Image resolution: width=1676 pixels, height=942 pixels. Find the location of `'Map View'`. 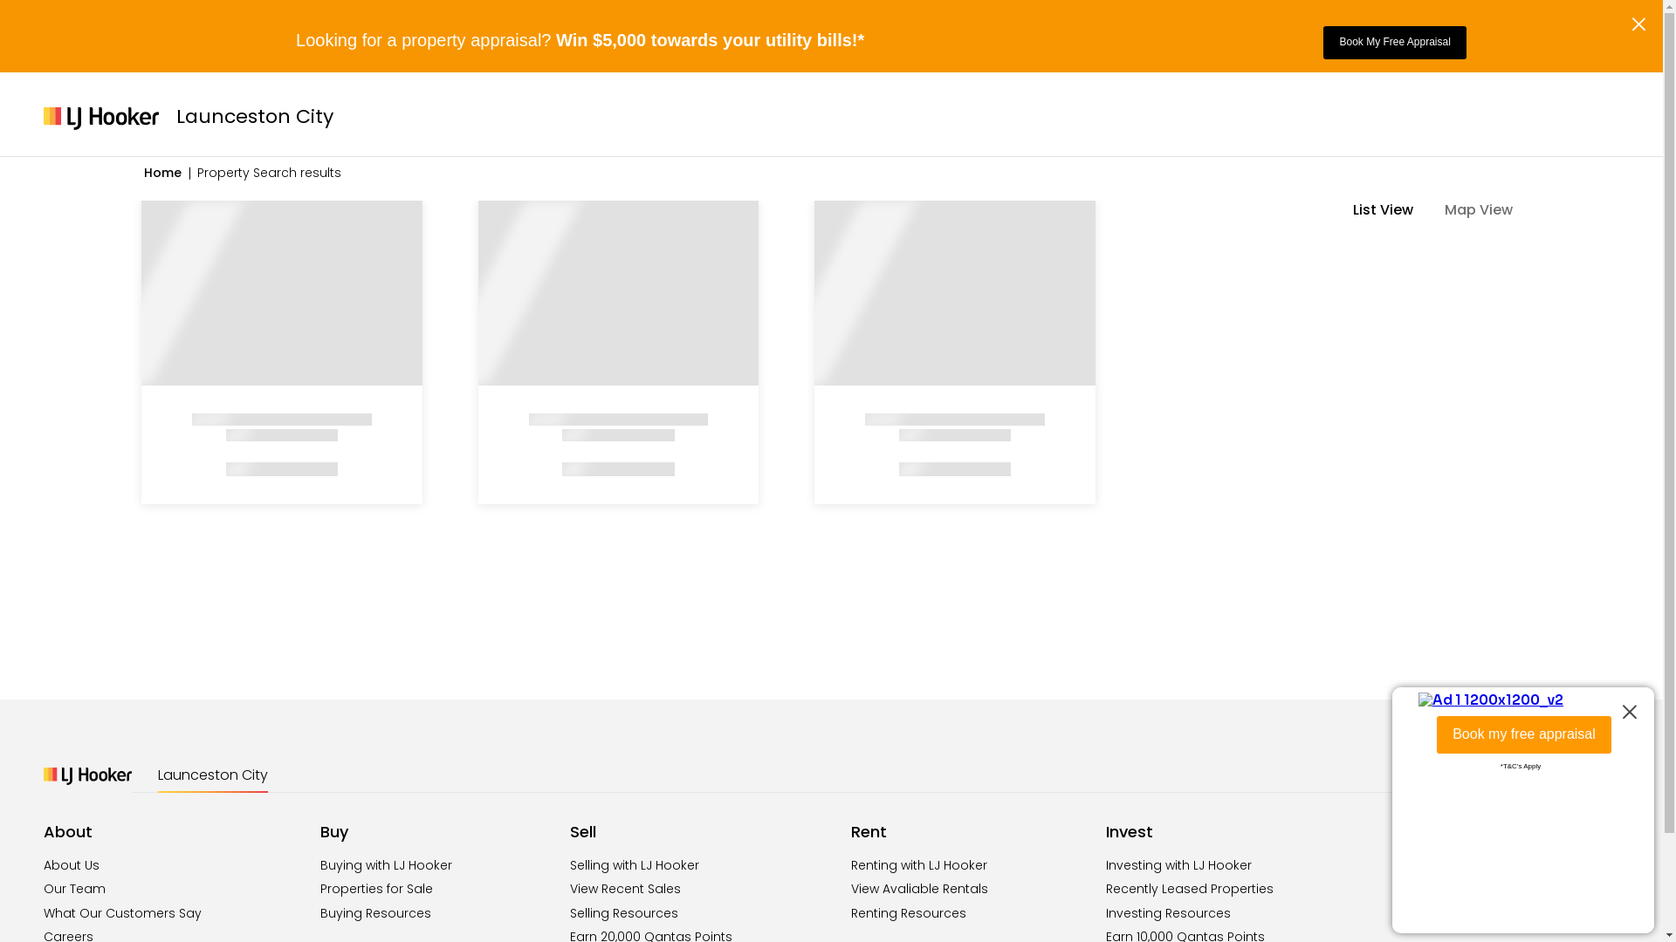

'Map View' is located at coordinates (1487, 208).